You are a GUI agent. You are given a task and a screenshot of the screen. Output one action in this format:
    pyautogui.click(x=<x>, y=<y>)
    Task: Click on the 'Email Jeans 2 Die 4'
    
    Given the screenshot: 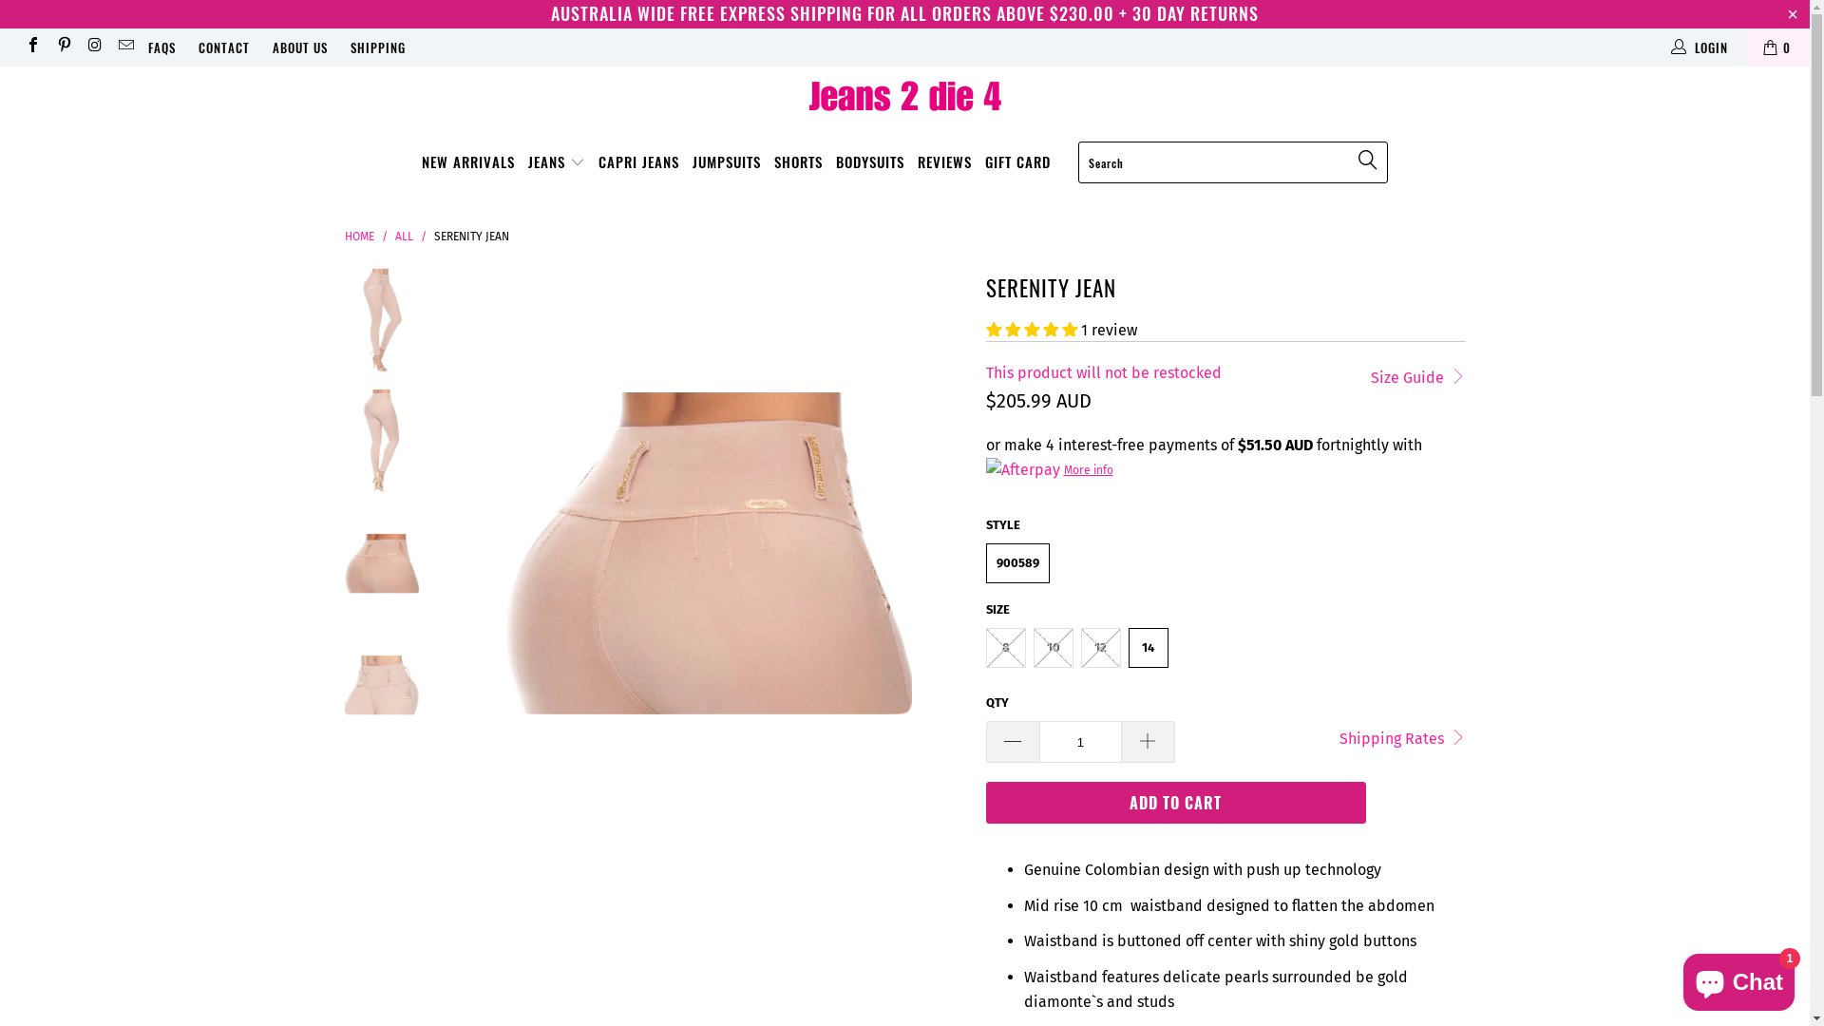 What is the action you would take?
    pyautogui.click(x=123, y=46)
    